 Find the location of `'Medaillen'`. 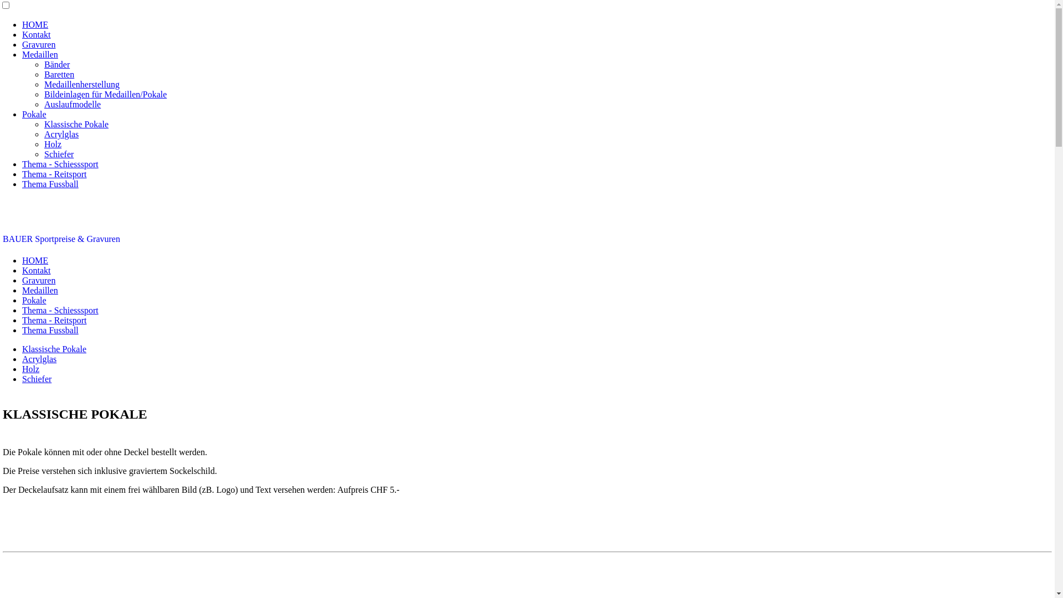

'Medaillen' is located at coordinates (40, 54).